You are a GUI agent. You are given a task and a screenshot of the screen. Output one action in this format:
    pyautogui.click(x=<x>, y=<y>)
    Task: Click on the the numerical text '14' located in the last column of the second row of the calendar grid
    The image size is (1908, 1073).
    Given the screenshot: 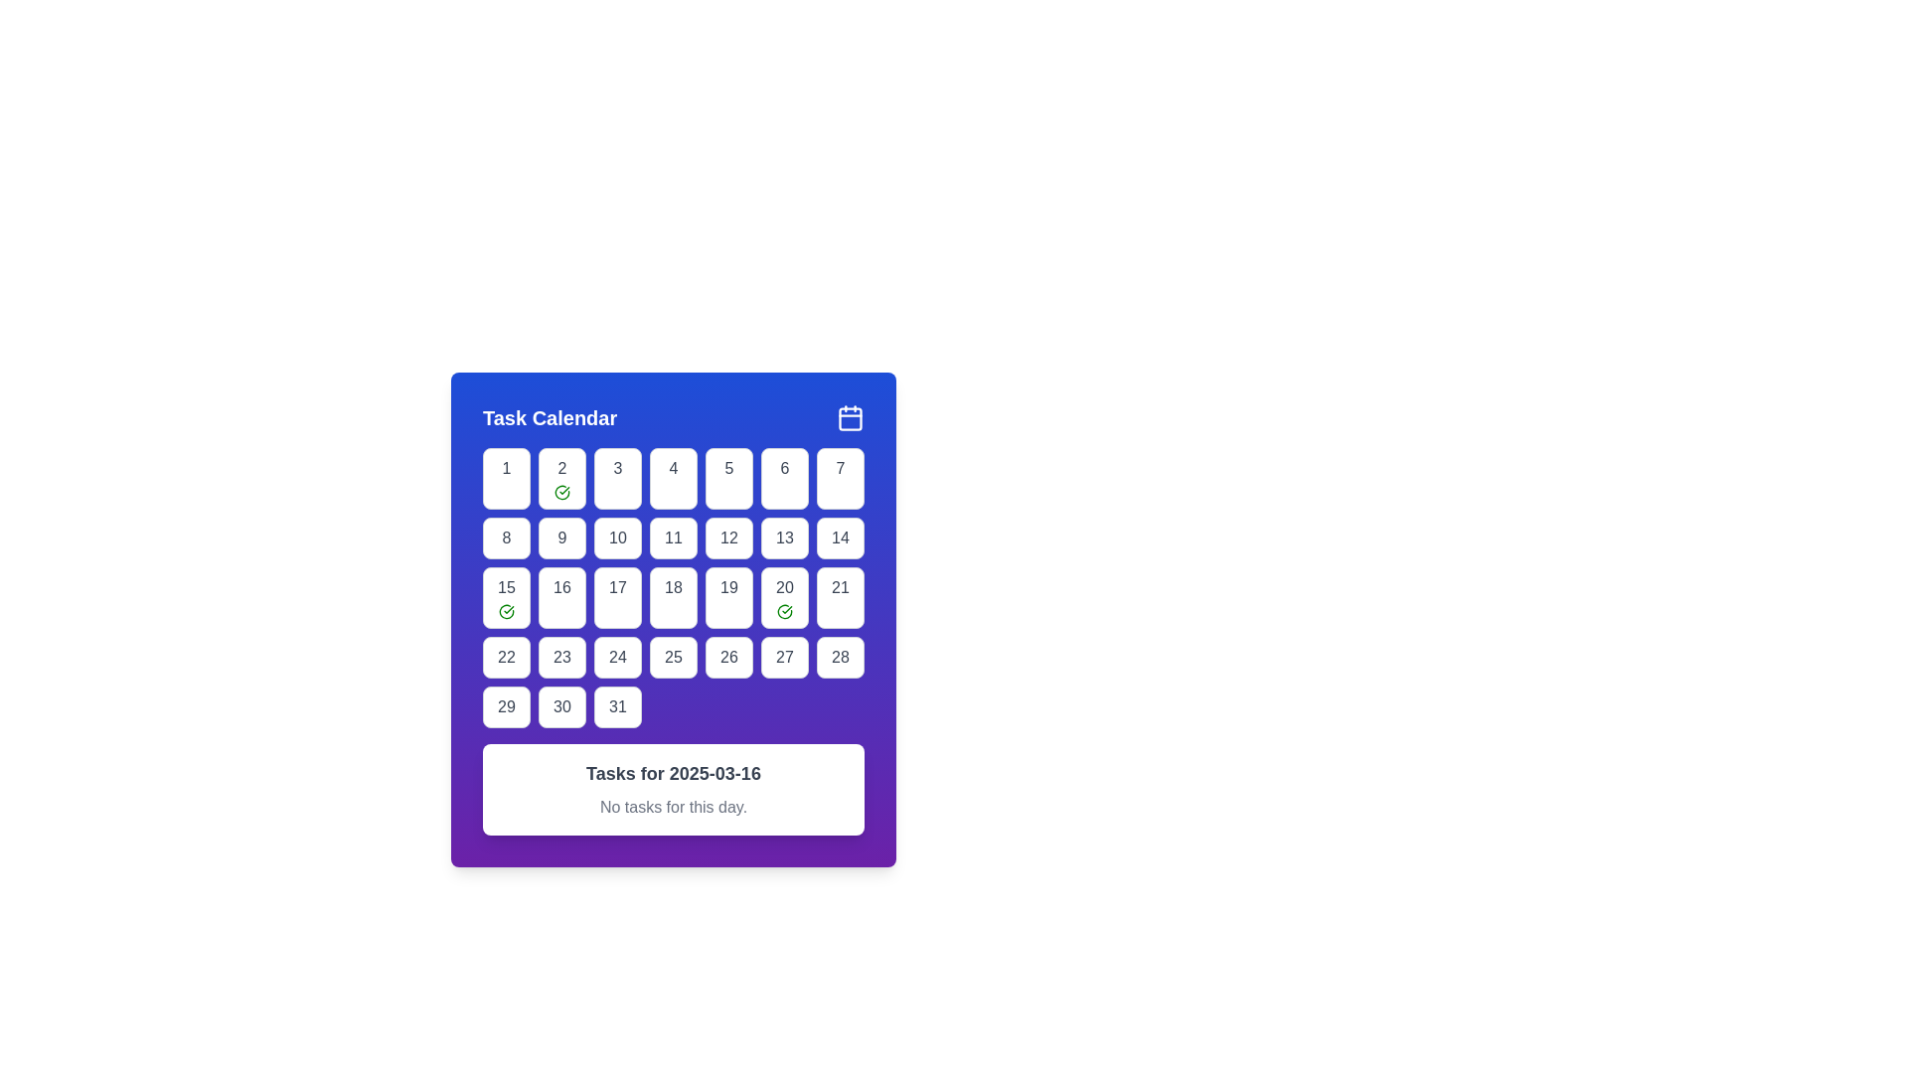 What is the action you would take?
    pyautogui.click(x=840, y=538)
    